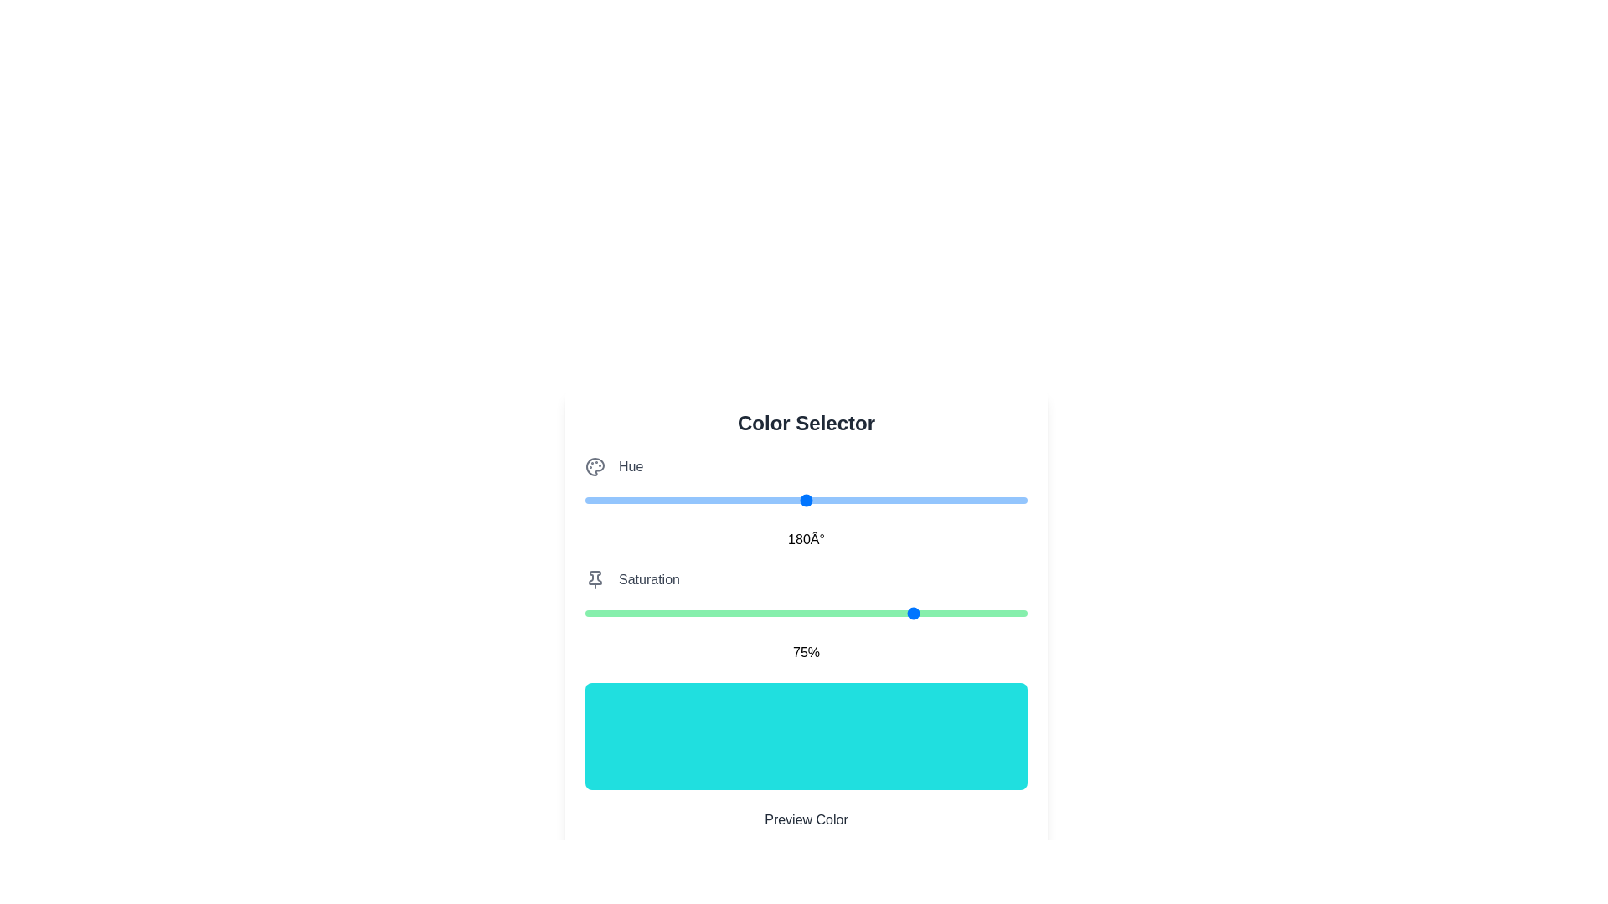  What do you see at coordinates (807, 819) in the screenshot?
I see `the centered text label reading 'Preview Color' which is styled with a medium-weight font and dark gray color, located below the color preview area in the 'Color Selector' component` at bounding box center [807, 819].